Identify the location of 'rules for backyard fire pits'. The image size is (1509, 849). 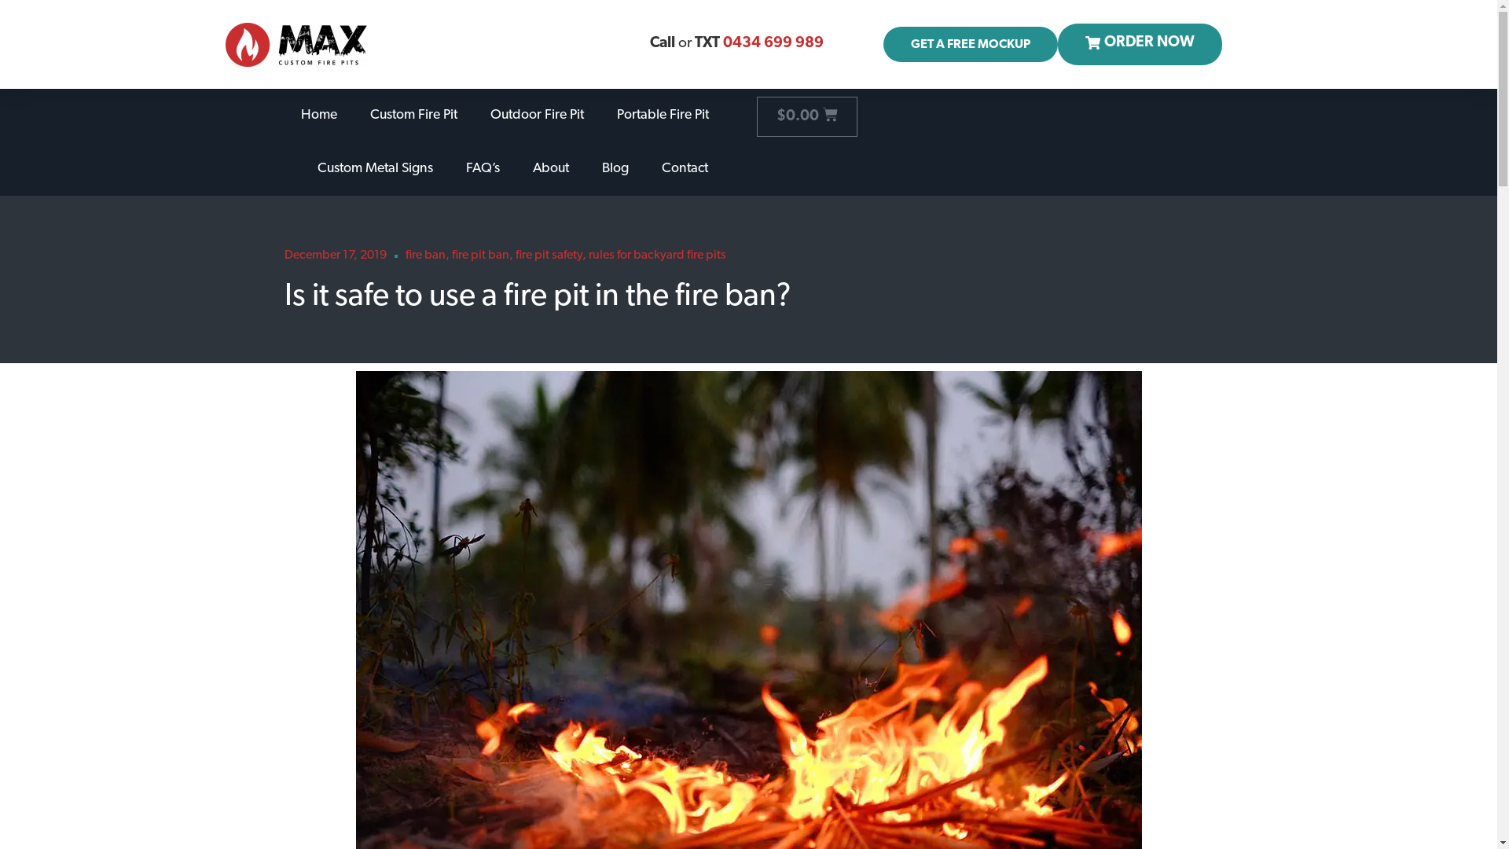
(657, 254).